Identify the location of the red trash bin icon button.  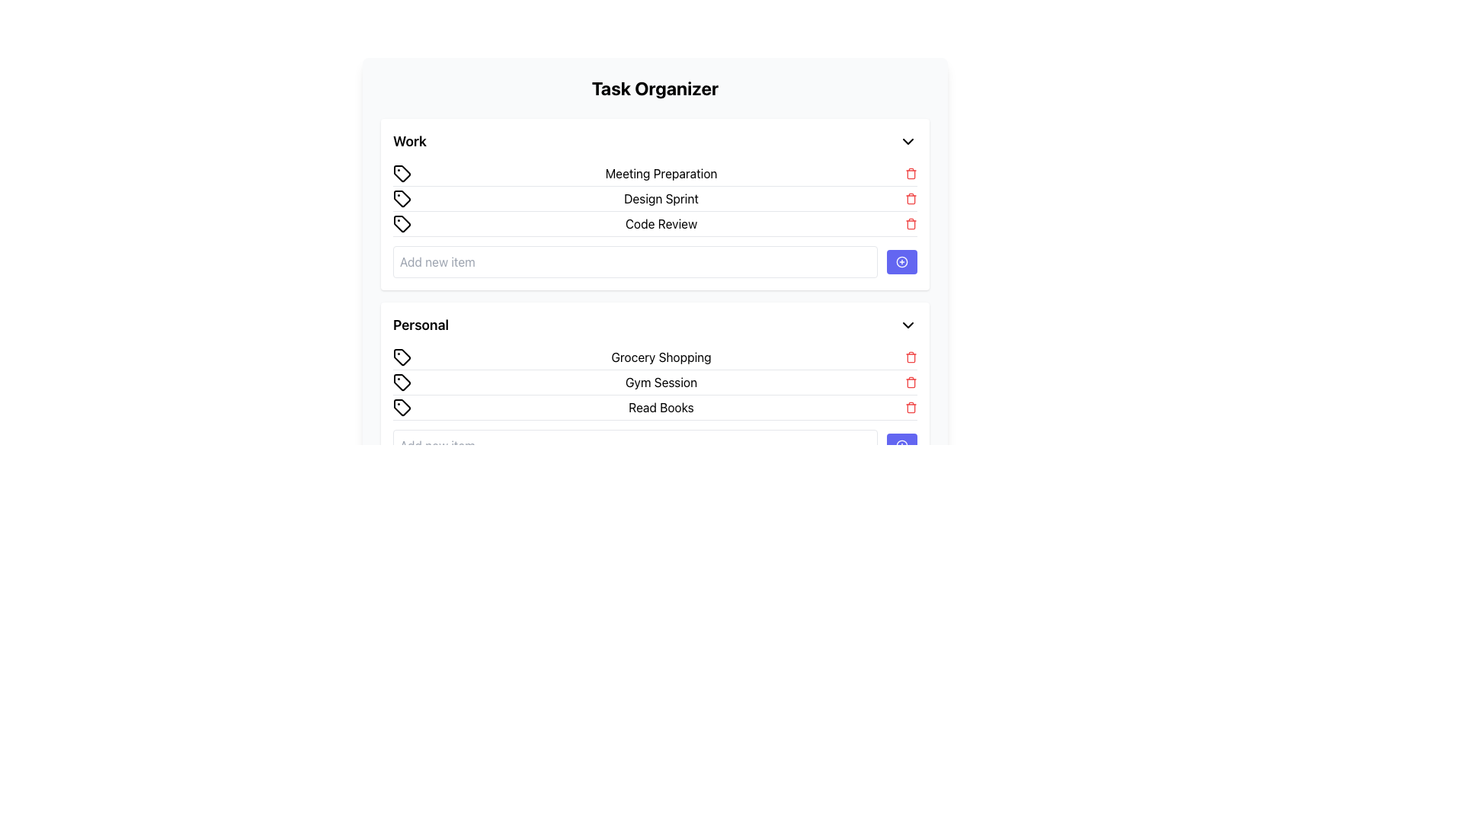
(911, 407).